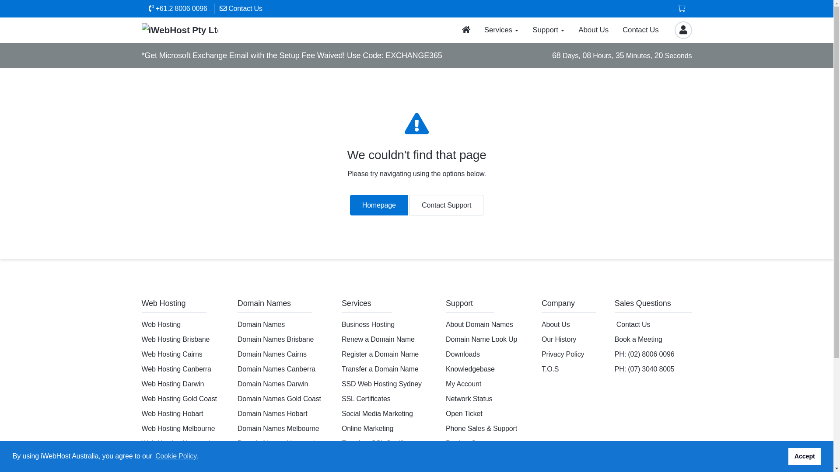 The height and width of the screenshot is (472, 840). Describe the element at coordinates (176, 456) in the screenshot. I see `'Cookie Policy.'` at that location.